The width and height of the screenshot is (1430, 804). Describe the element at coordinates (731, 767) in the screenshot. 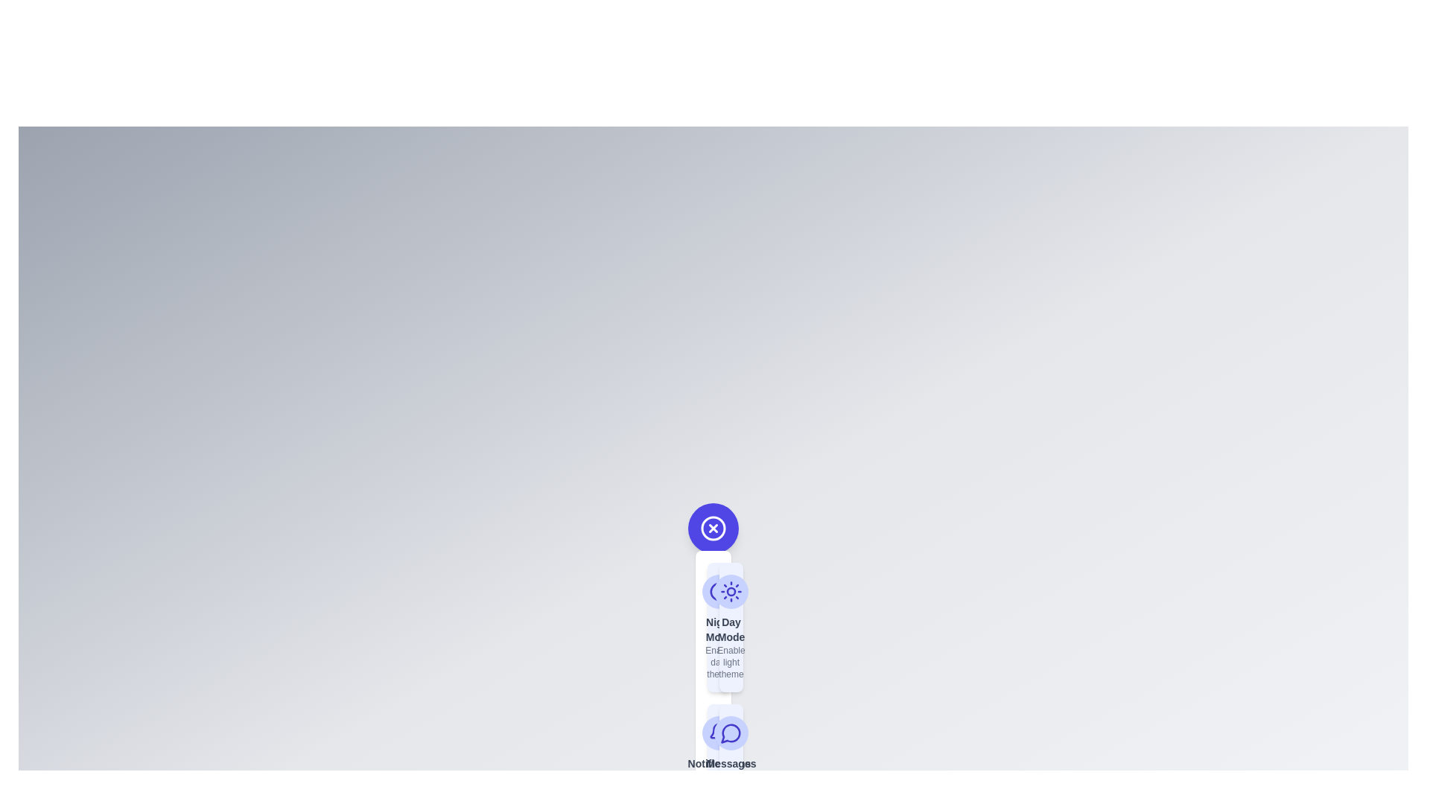

I see `the 'Messages' button to select it` at that location.